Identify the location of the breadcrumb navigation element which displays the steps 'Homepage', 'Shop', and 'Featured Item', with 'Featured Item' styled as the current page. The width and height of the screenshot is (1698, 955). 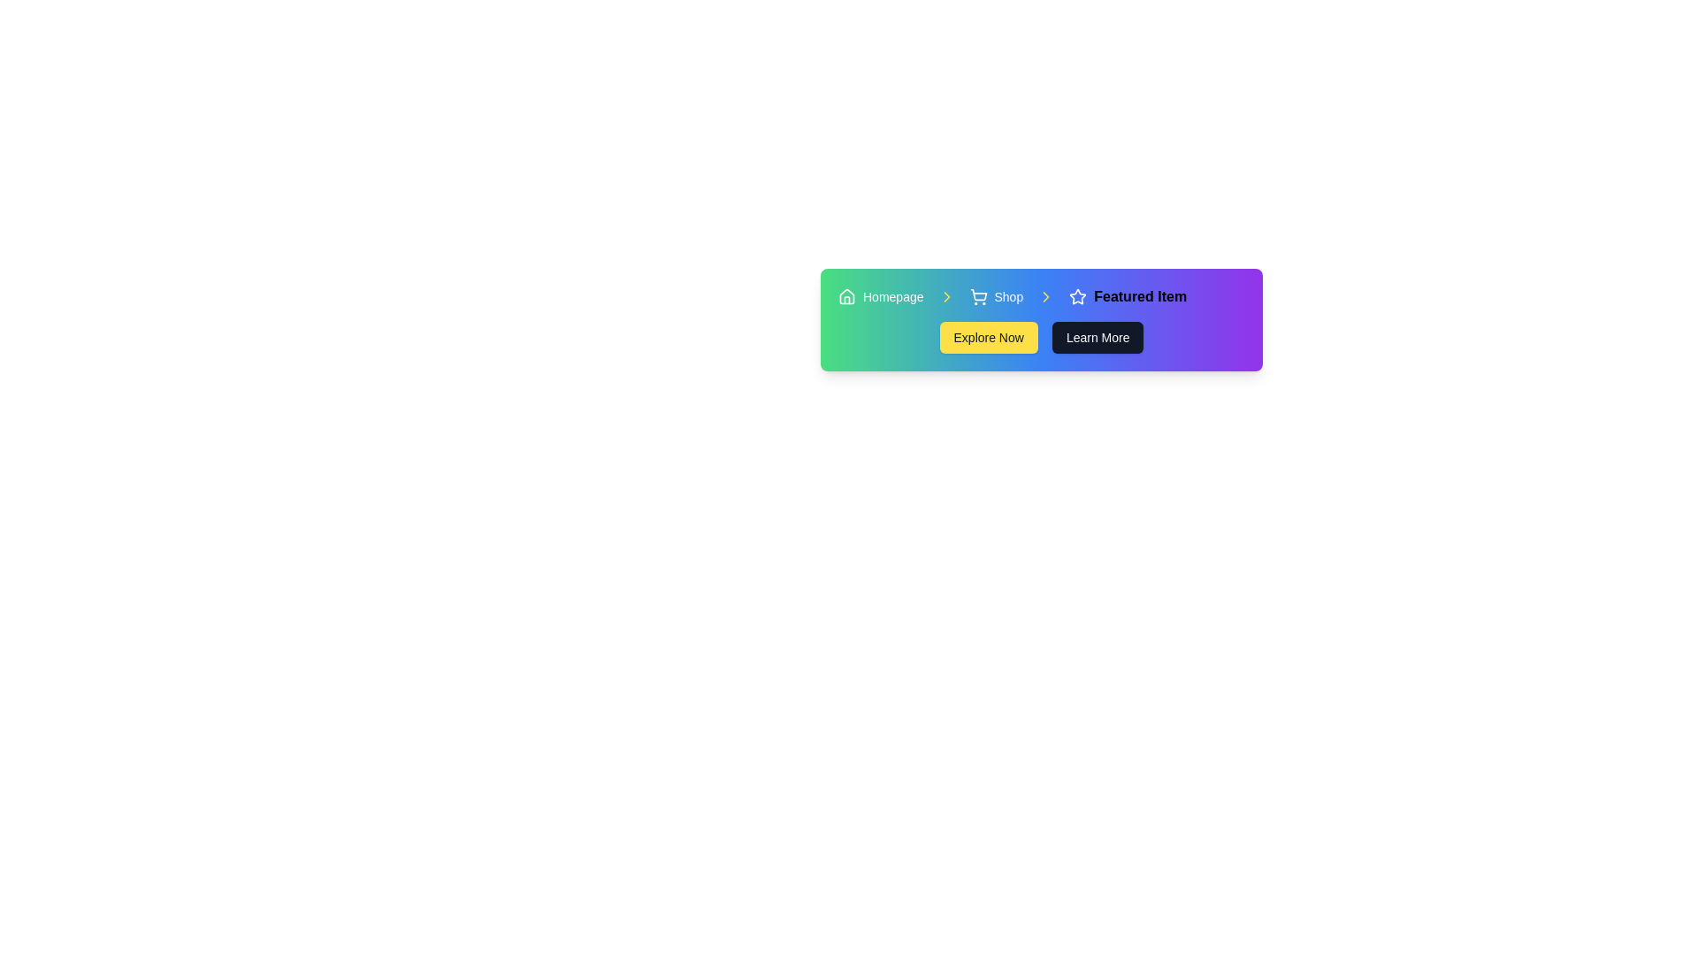
(1041, 295).